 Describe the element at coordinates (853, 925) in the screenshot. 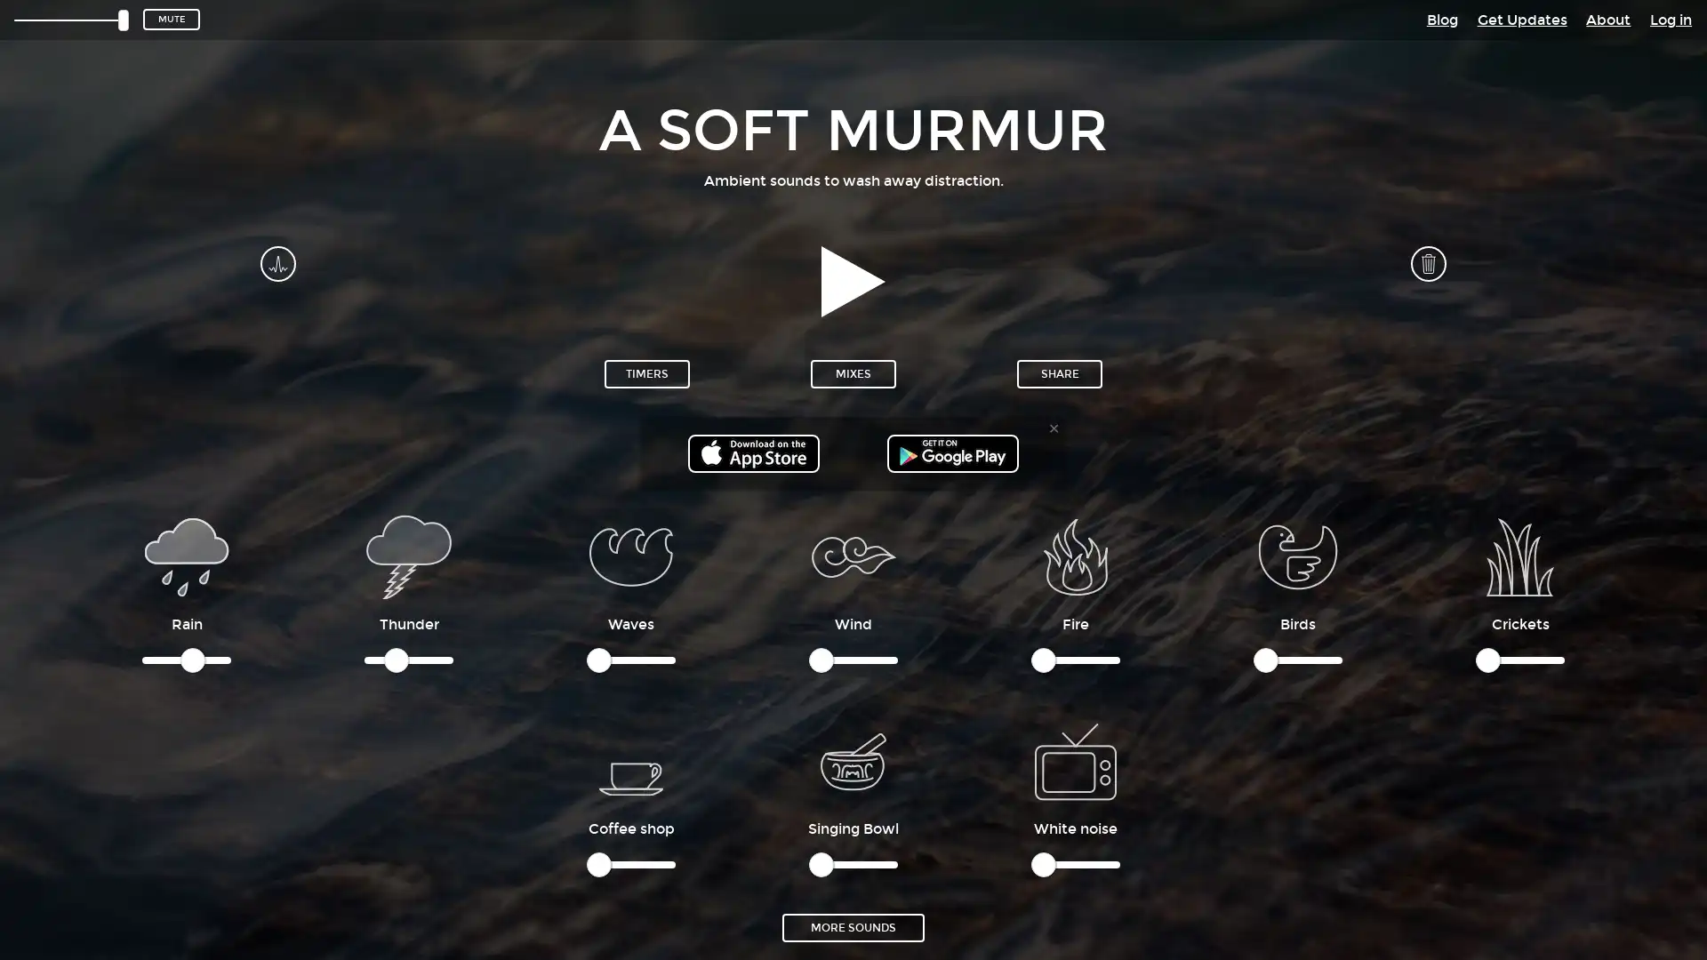

I see `MORE SOUNDS` at that location.